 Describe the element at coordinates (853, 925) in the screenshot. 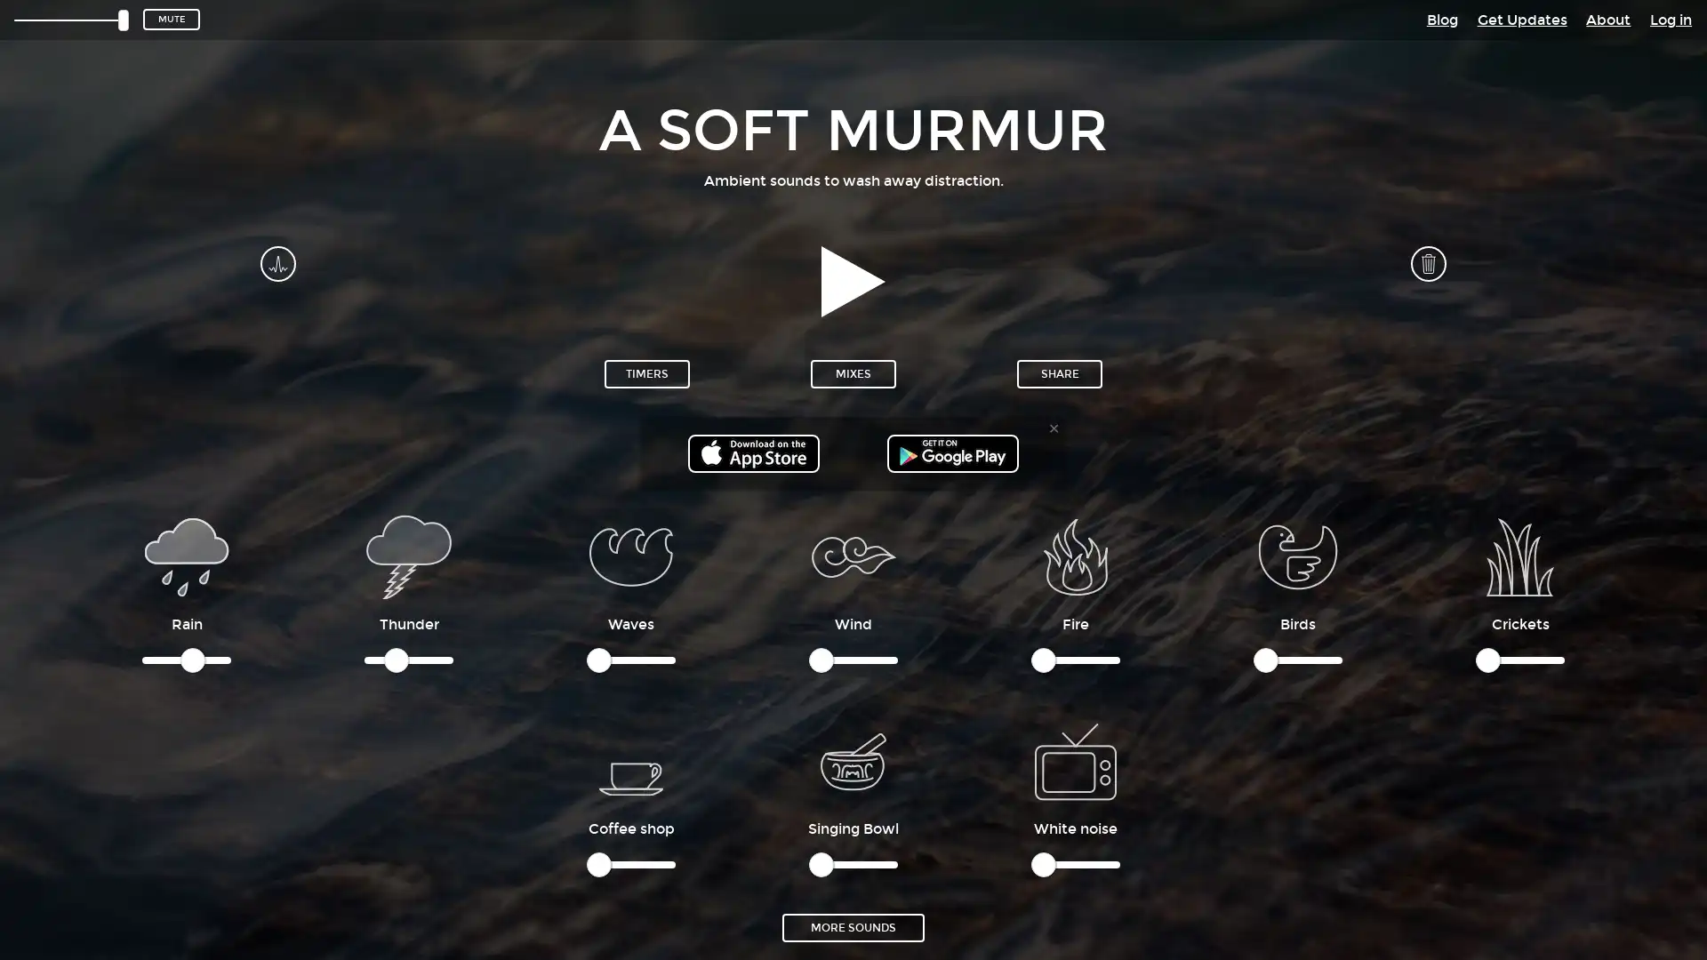

I see `MORE SOUNDS` at that location.